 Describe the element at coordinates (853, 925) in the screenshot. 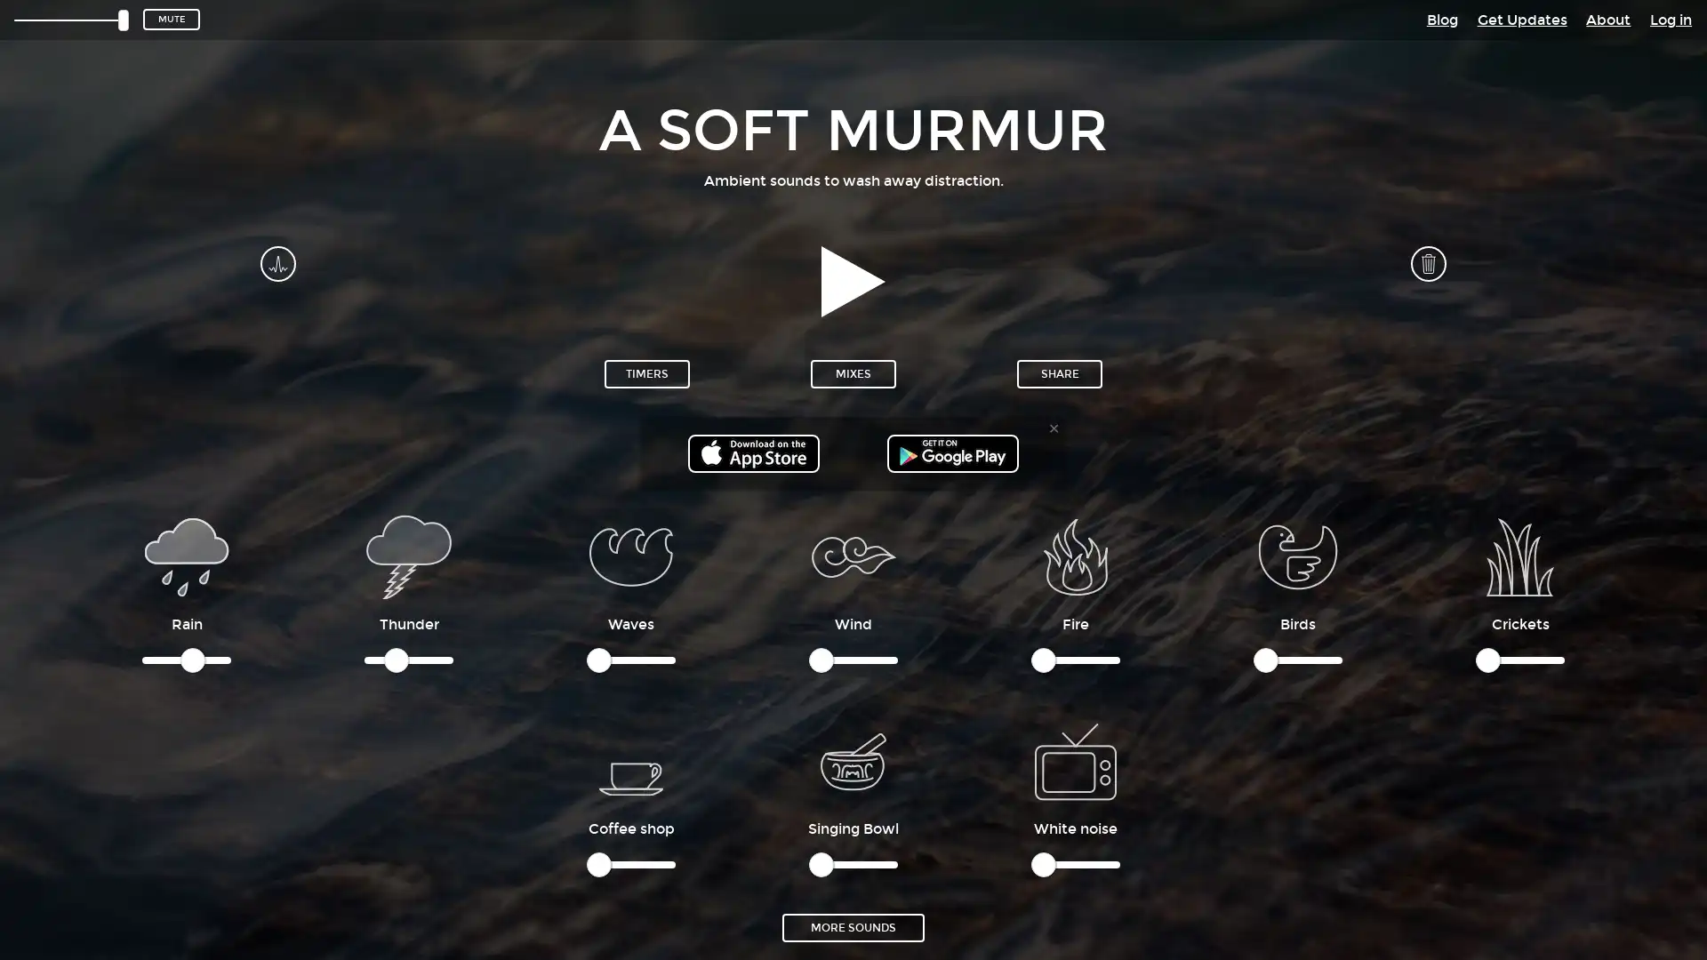

I see `MORE SOUNDS` at that location.